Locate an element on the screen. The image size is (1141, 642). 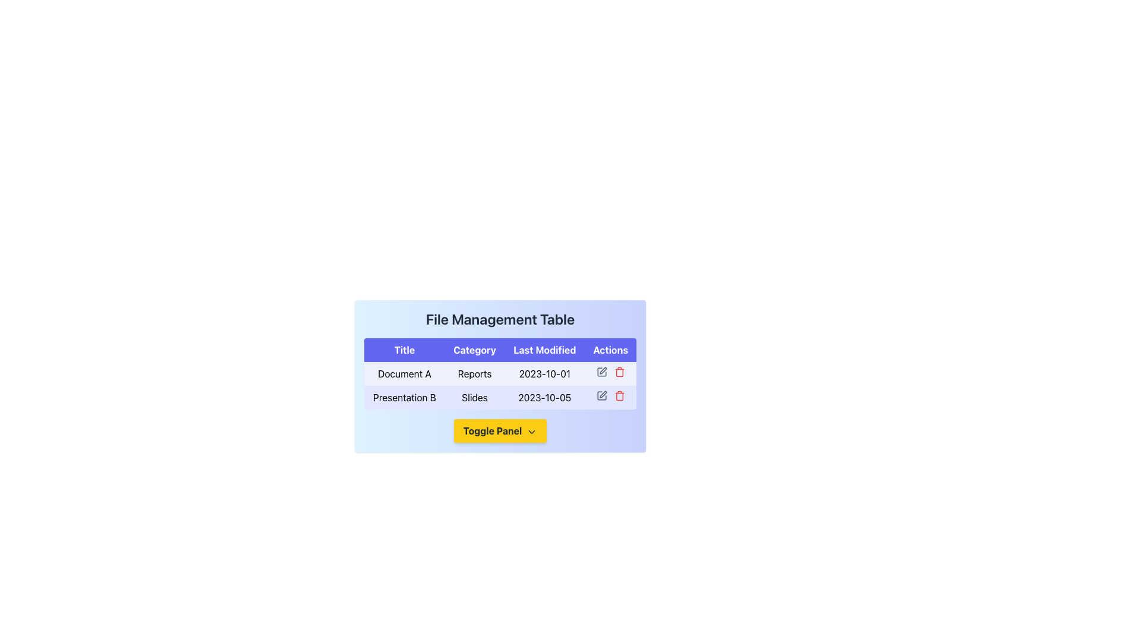
the second row of the data table which contains 'Presentation B', 'Slides', and '2023-10-05' is located at coordinates (500, 397).